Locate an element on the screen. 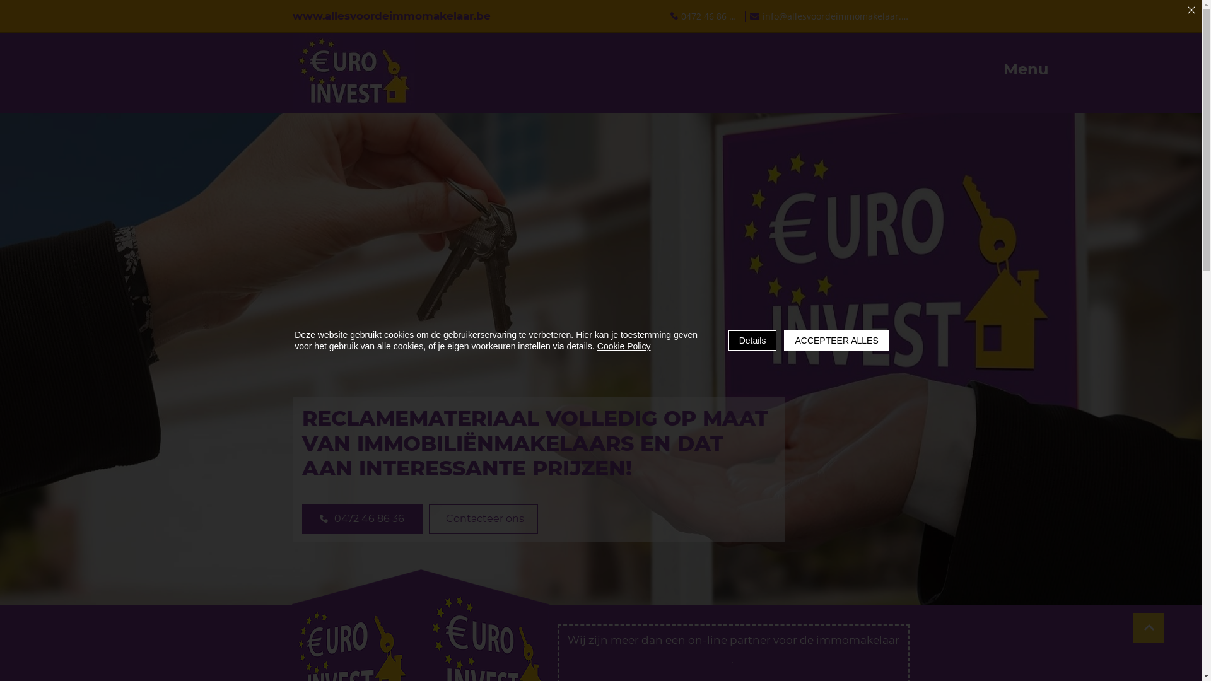  'info@allesvoordeimmomakelaar.be' is located at coordinates (829, 15).